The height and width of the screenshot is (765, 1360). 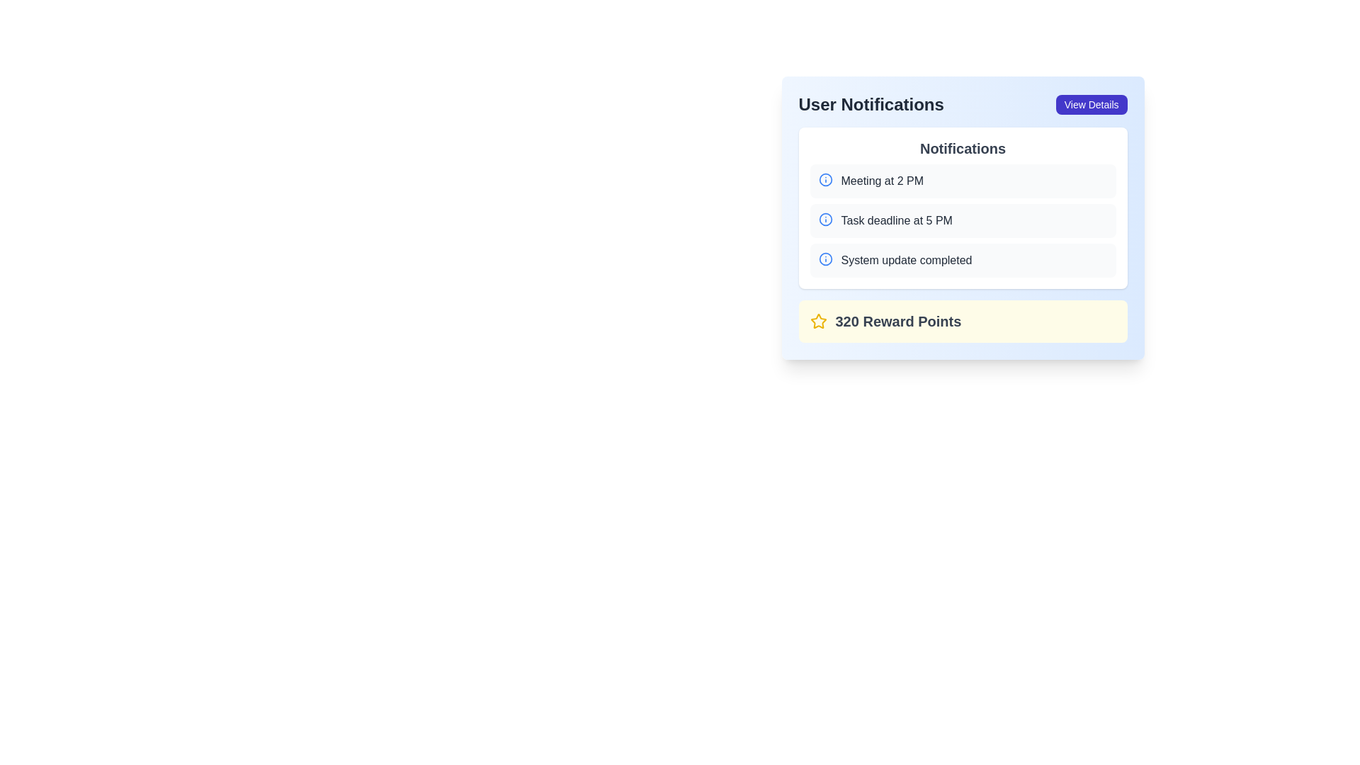 What do you see at coordinates (897, 322) in the screenshot?
I see `the text label that displays the user's current reward points, located at the bottom section of a notification card to the right of a yellow star-shaped icon` at bounding box center [897, 322].